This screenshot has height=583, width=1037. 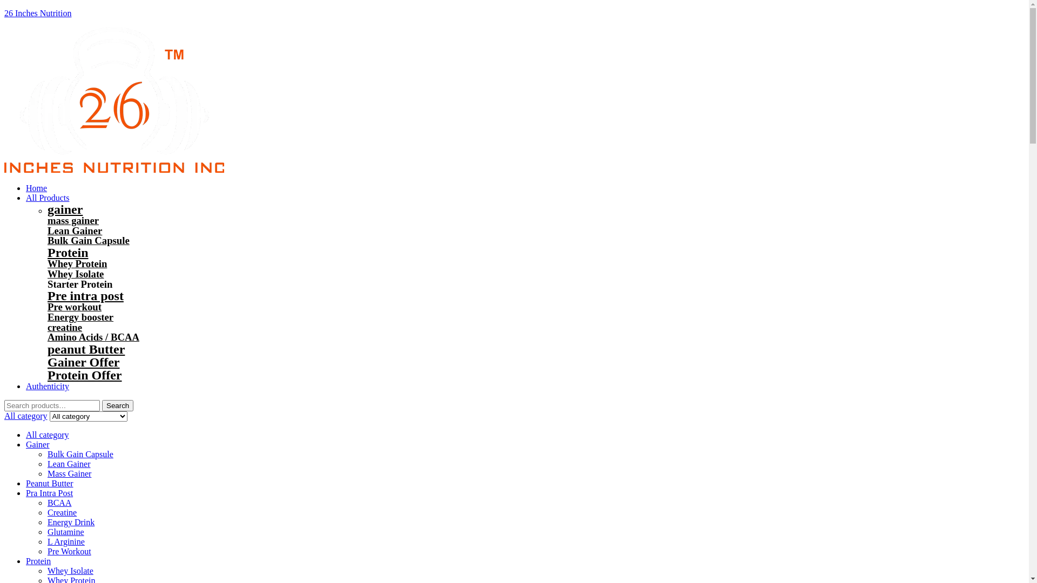 I want to click on 'Whey Protein', so click(x=77, y=263).